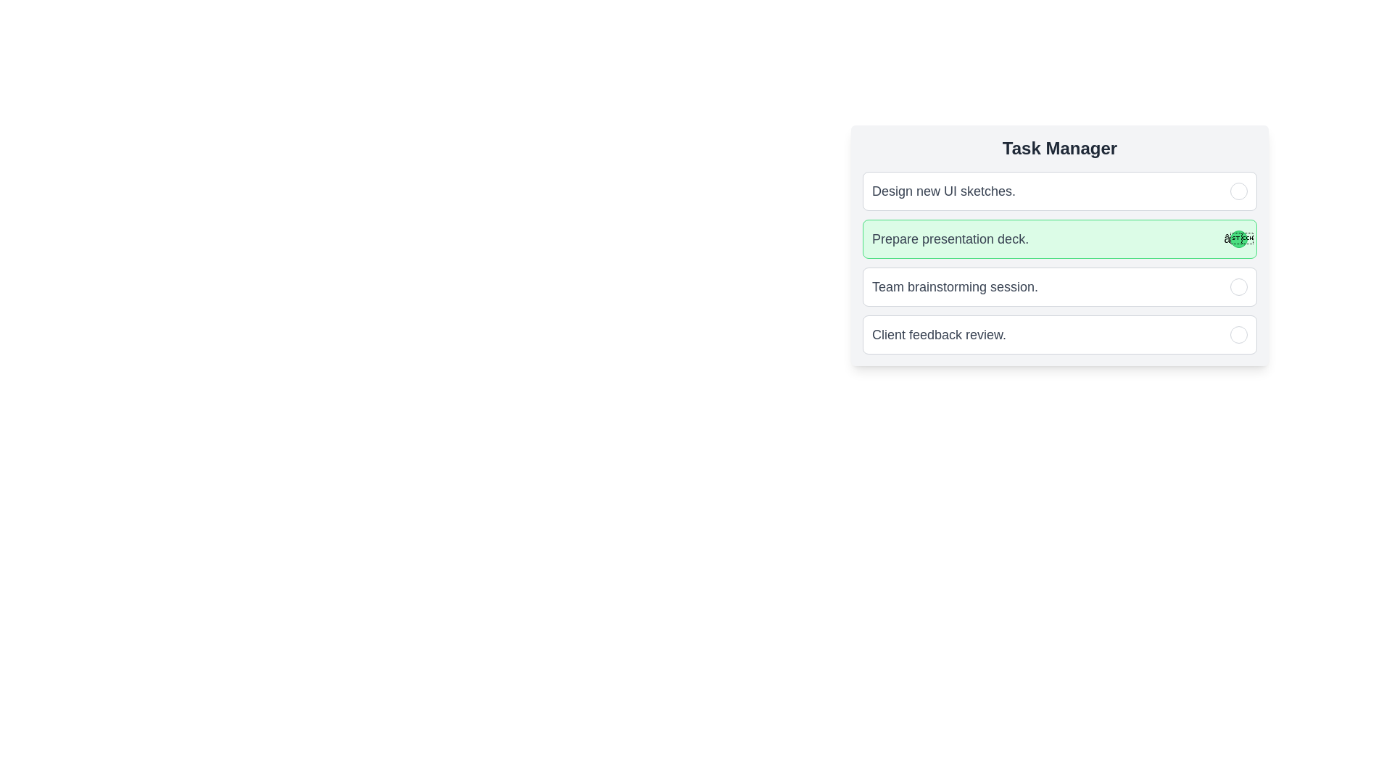 The width and height of the screenshot is (1392, 783). Describe the element at coordinates (1238, 239) in the screenshot. I see `the small circular green Status Indicator badge with a white checkmark symbol ('✔') located at the rightmost side of the task row for 'Prepare presentation deck.'` at that location.